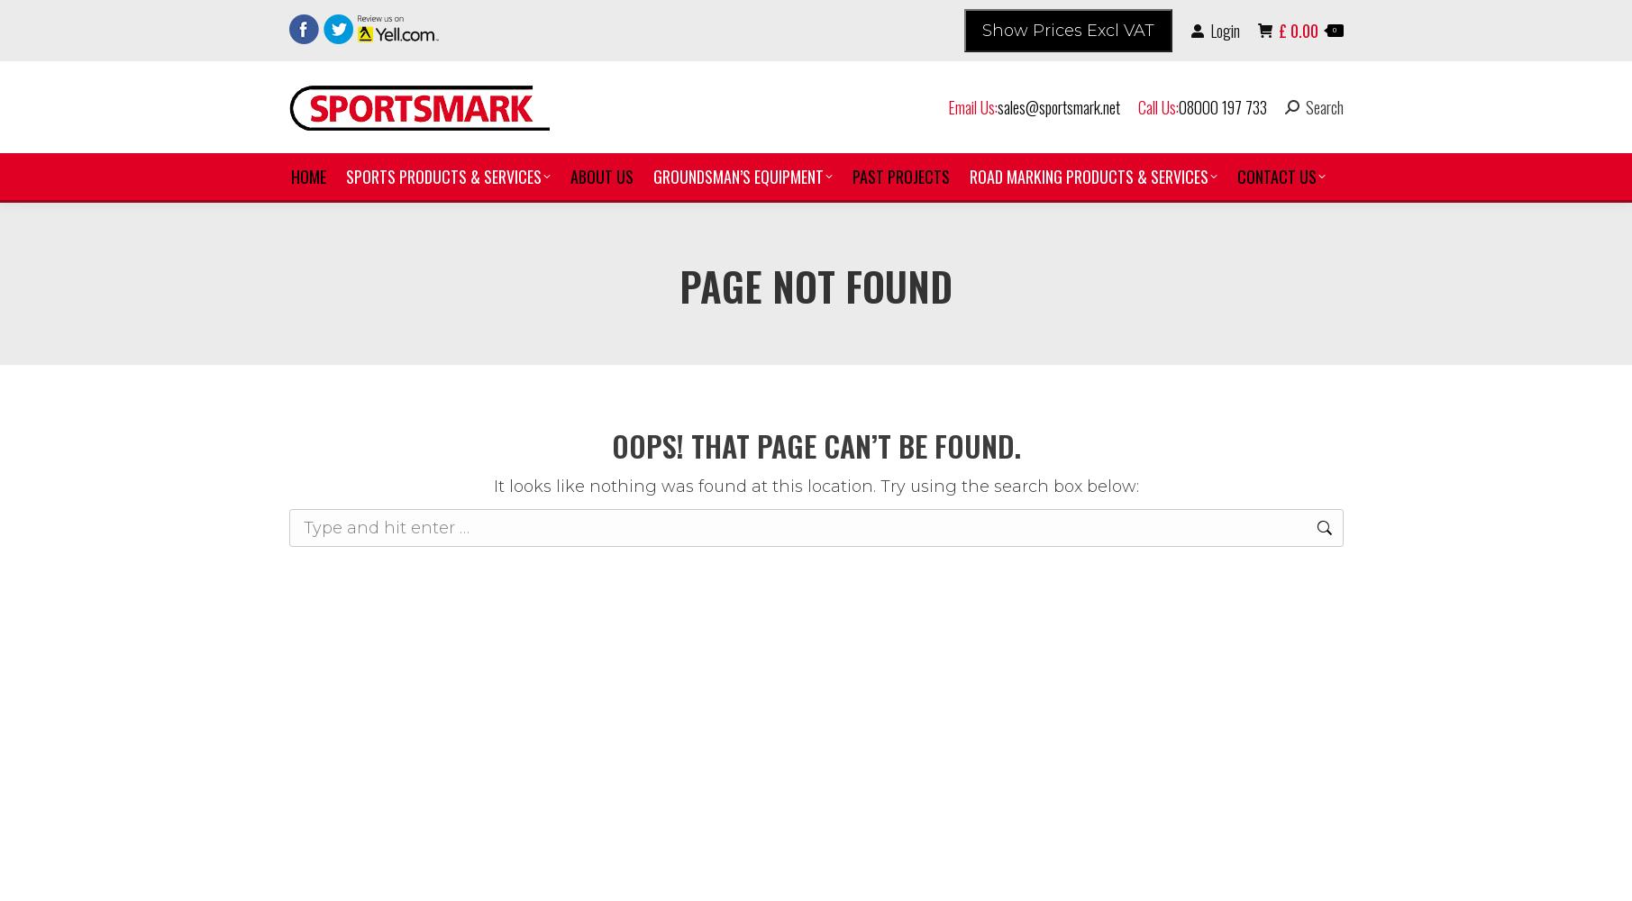  I want to click on 'Basketball', so click(402, 345).